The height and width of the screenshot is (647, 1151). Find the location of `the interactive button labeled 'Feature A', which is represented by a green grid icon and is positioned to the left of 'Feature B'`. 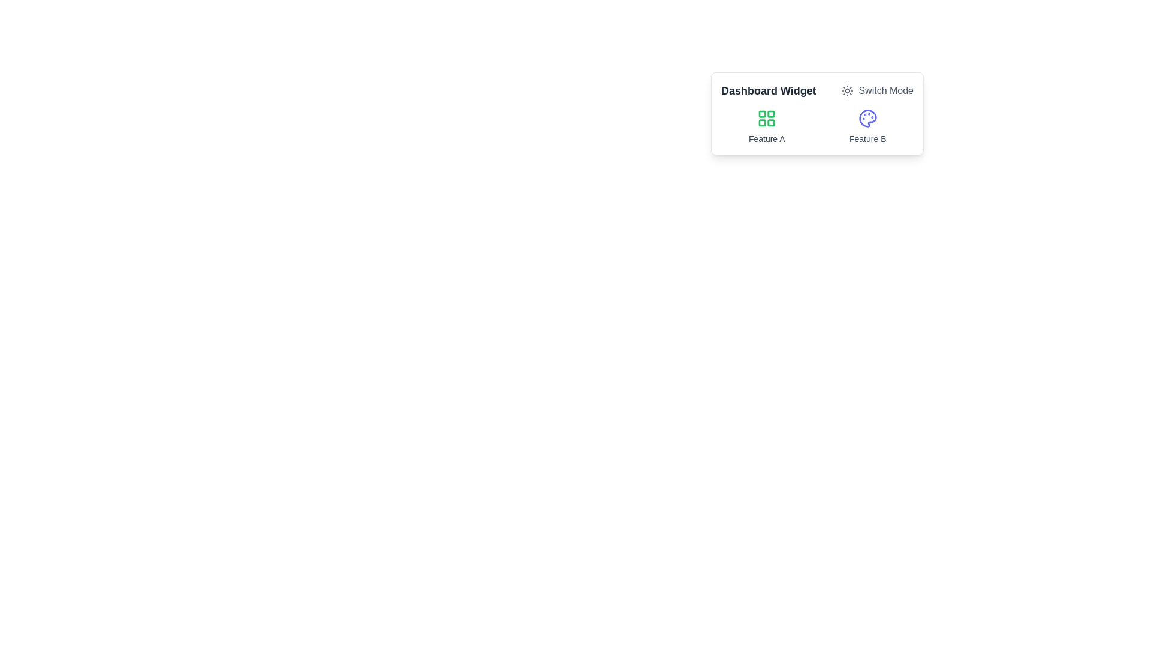

the interactive button labeled 'Feature A', which is represented by a green grid icon and is positioned to the left of 'Feature B' is located at coordinates (766, 127).